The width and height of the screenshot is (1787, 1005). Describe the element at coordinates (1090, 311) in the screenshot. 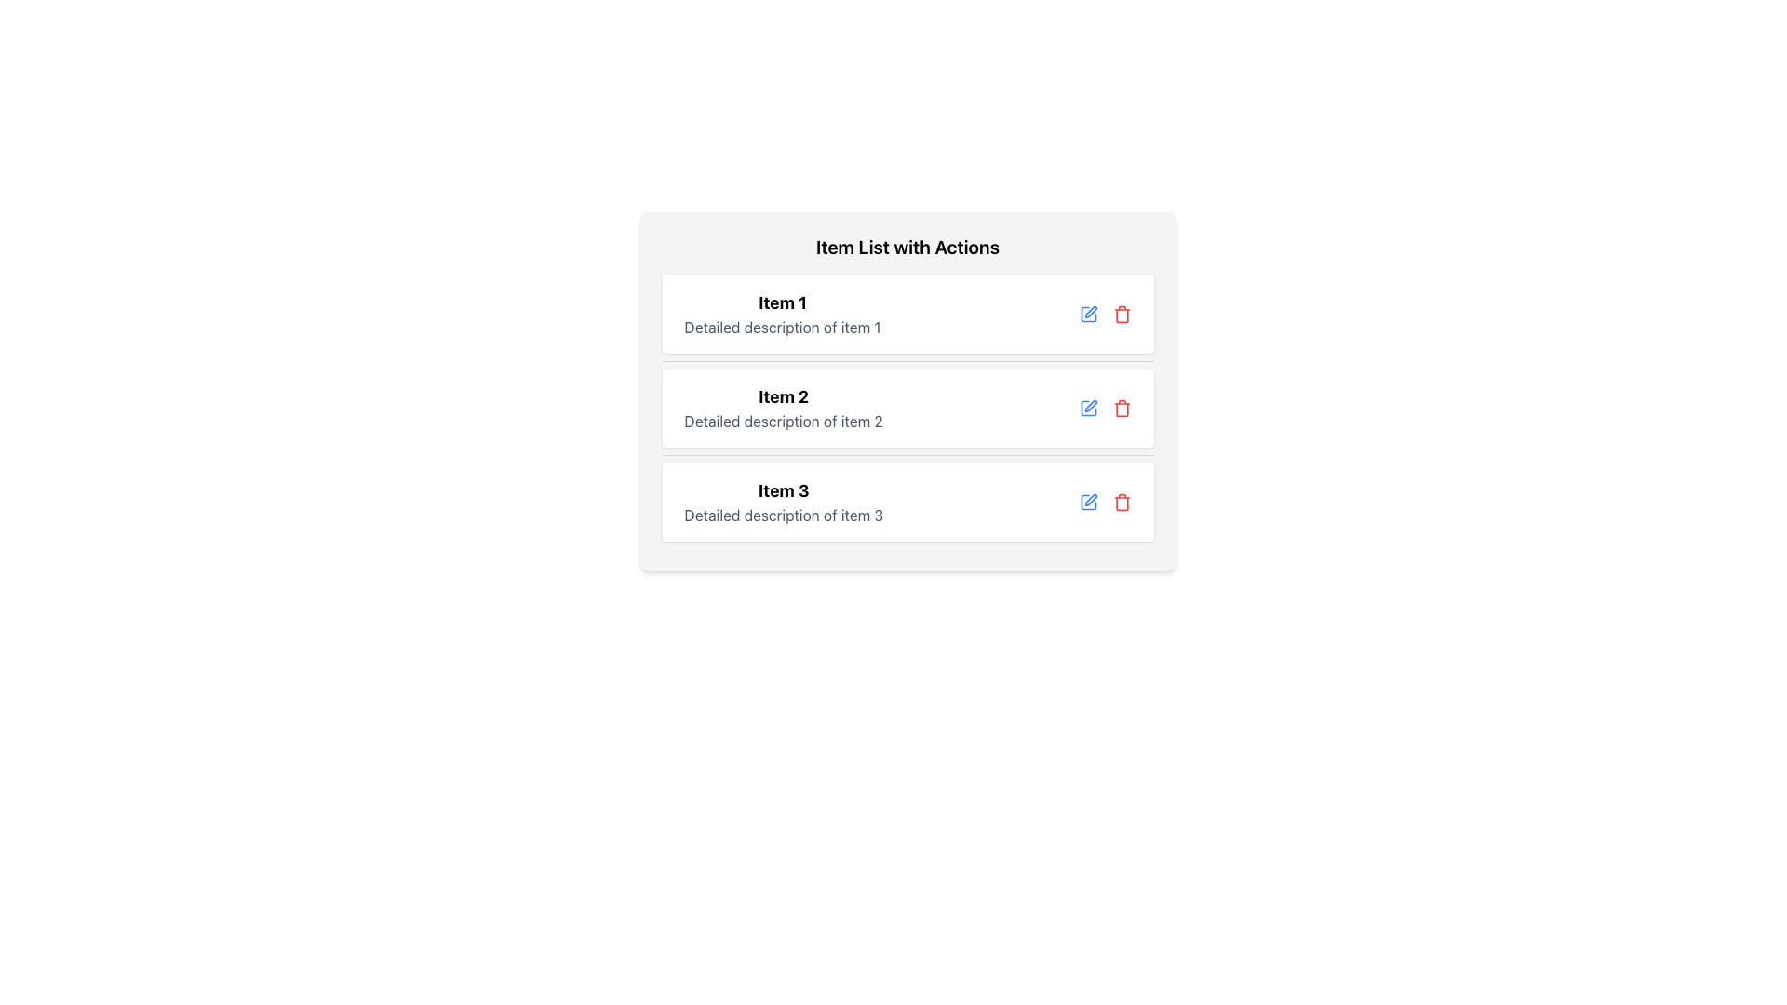

I see `the pen or edit icon located at the right end of the 'Item 1' row` at that location.